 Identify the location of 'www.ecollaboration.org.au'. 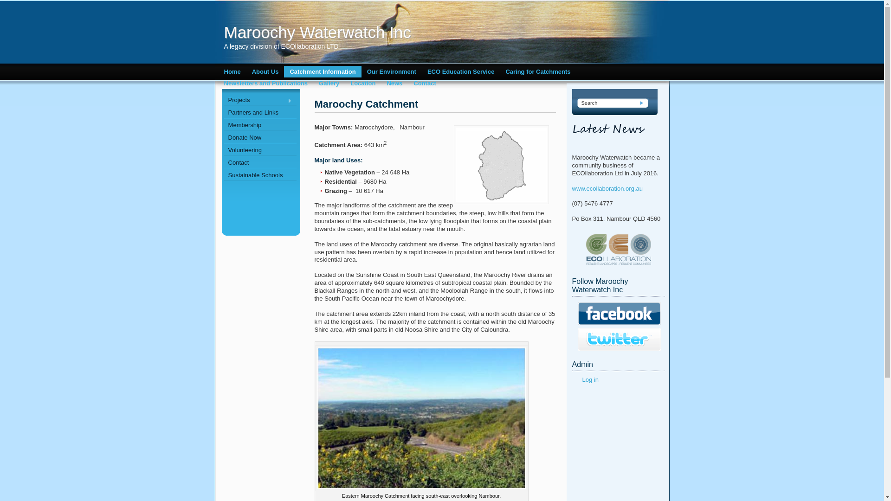
(607, 188).